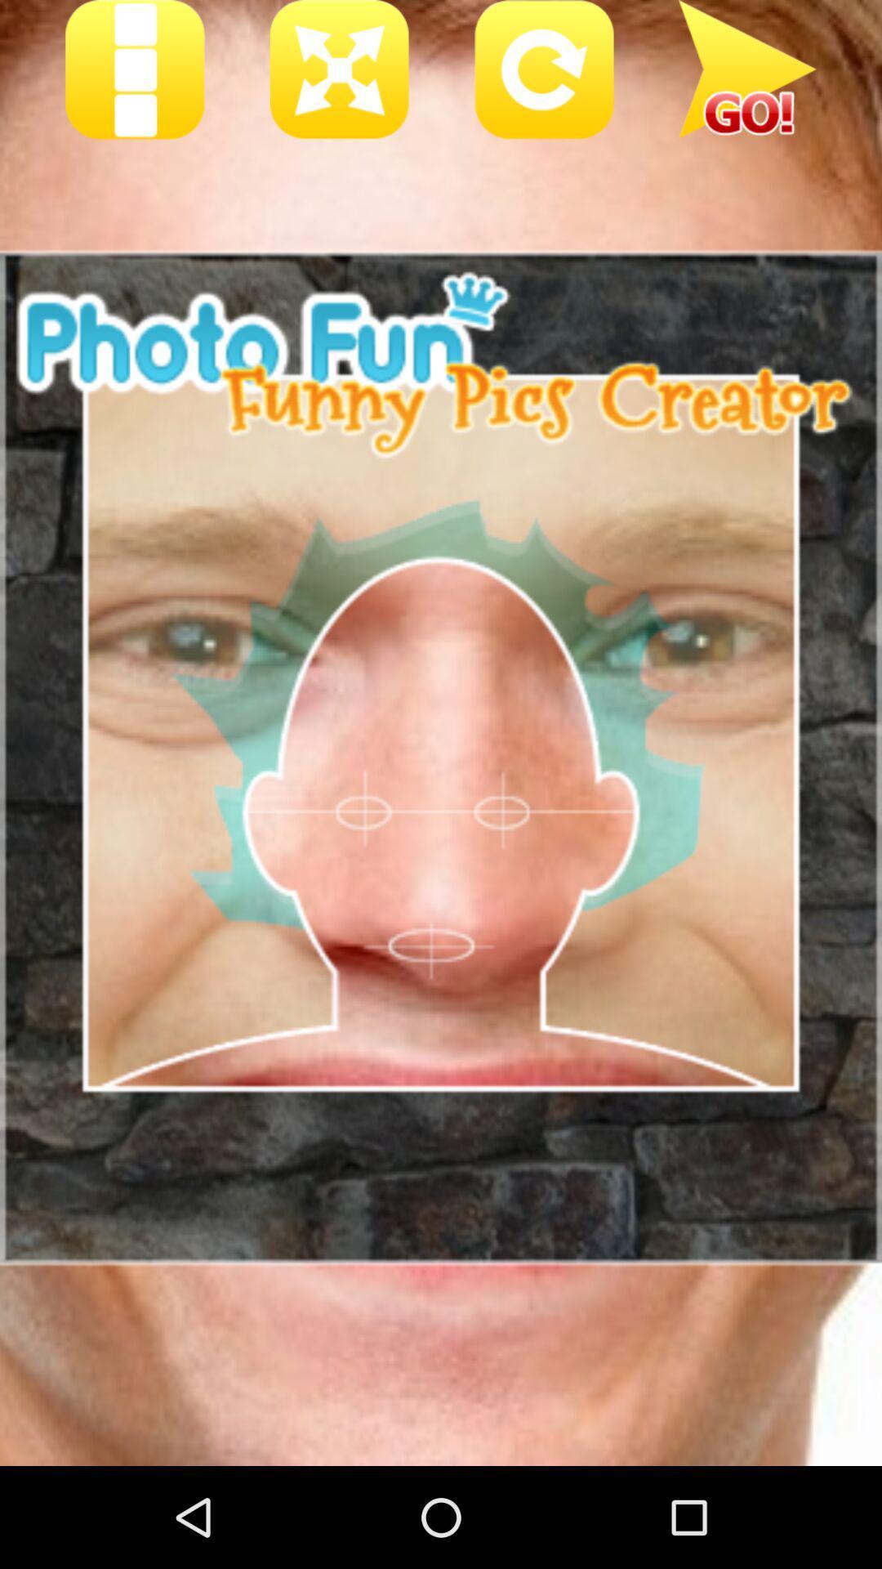  Describe the element at coordinates (339, 74) in the screenshot. I see `the fullscreen icon` at that location.